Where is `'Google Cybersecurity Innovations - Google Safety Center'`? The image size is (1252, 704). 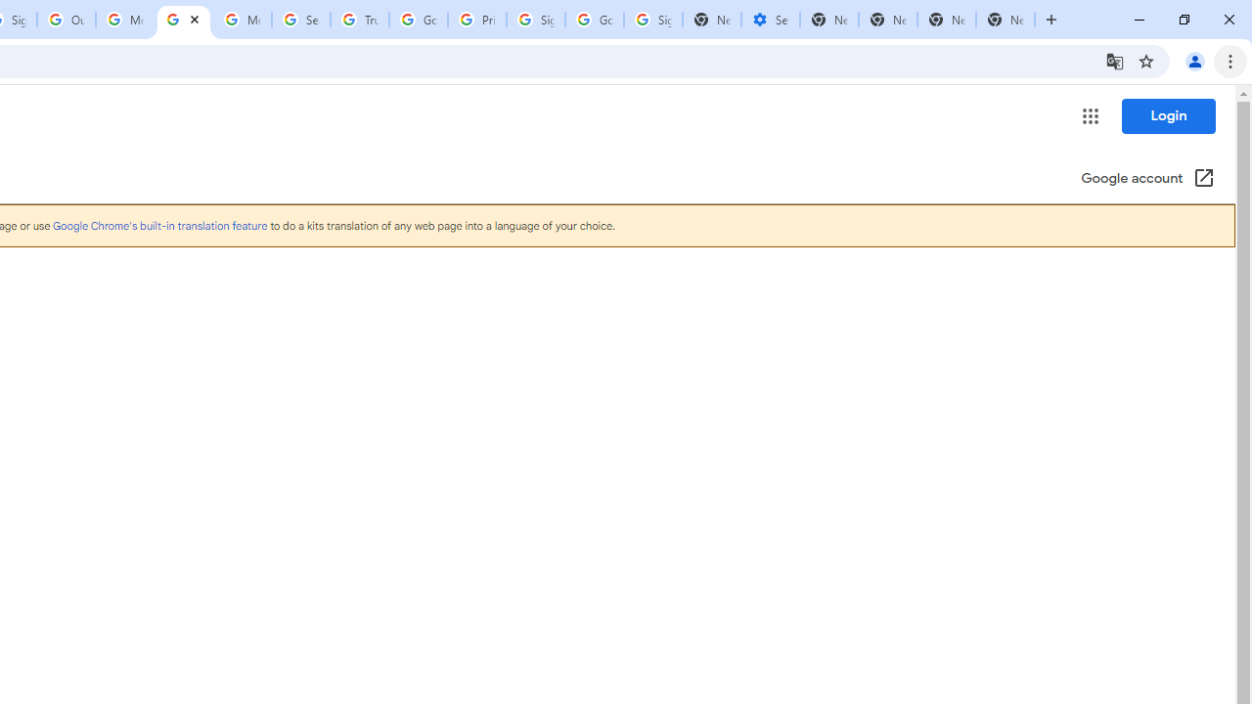 'Google Cybersecurity Innovations - Google Safety Center' is located at coordinates (594, 20).